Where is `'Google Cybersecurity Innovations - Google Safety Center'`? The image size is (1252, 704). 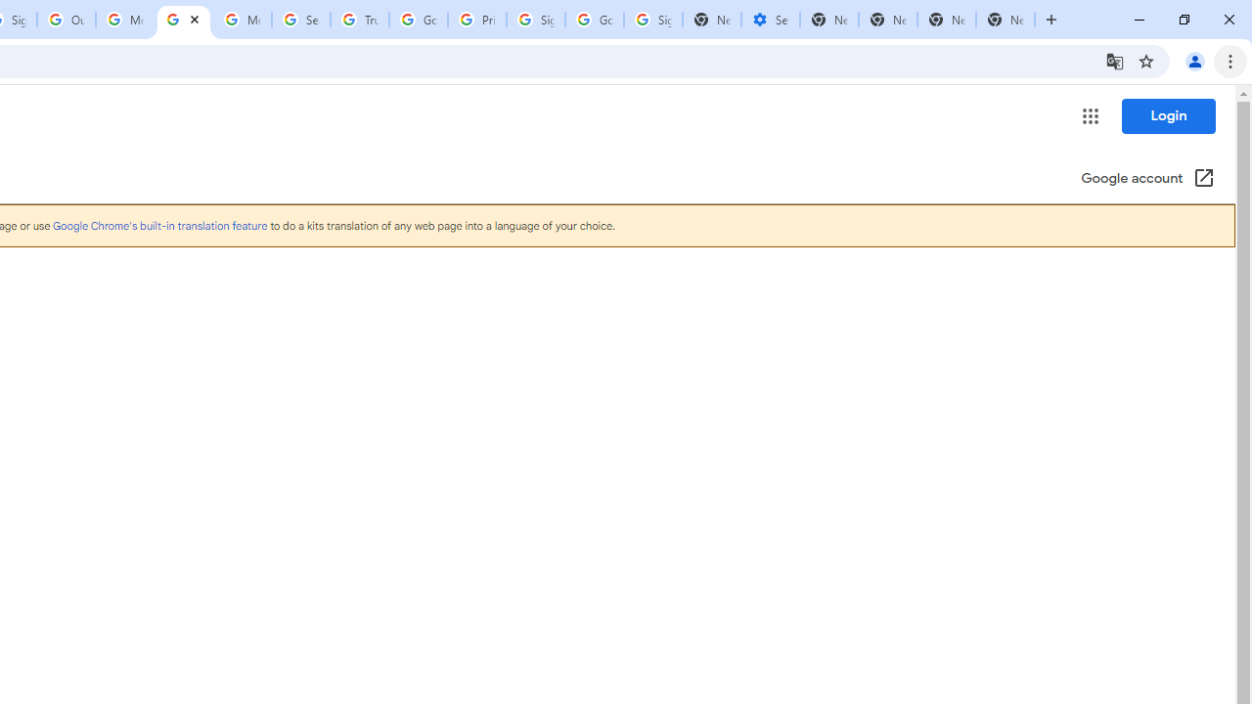 'Google Cybersecurity Innovations - Google Safety Center' is located at coordinates (594, 20).